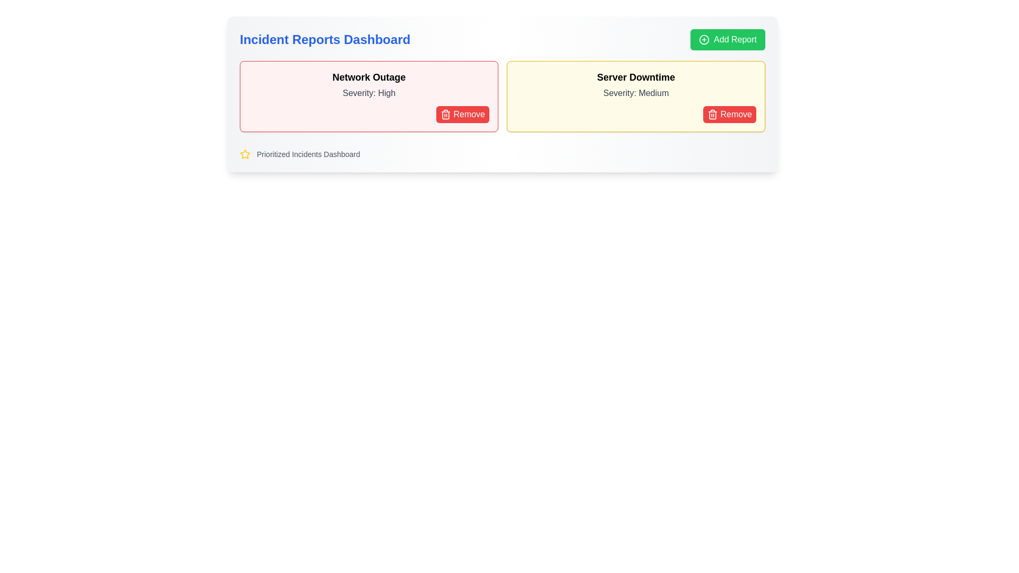 The image size is (1019, 573). Describe the element at coordinates (636, 96) in the screenshot. I see `information contained within the Issue Card titled 'Server Downtime' that has a yellow background and a red 'Remove' button` at that location.